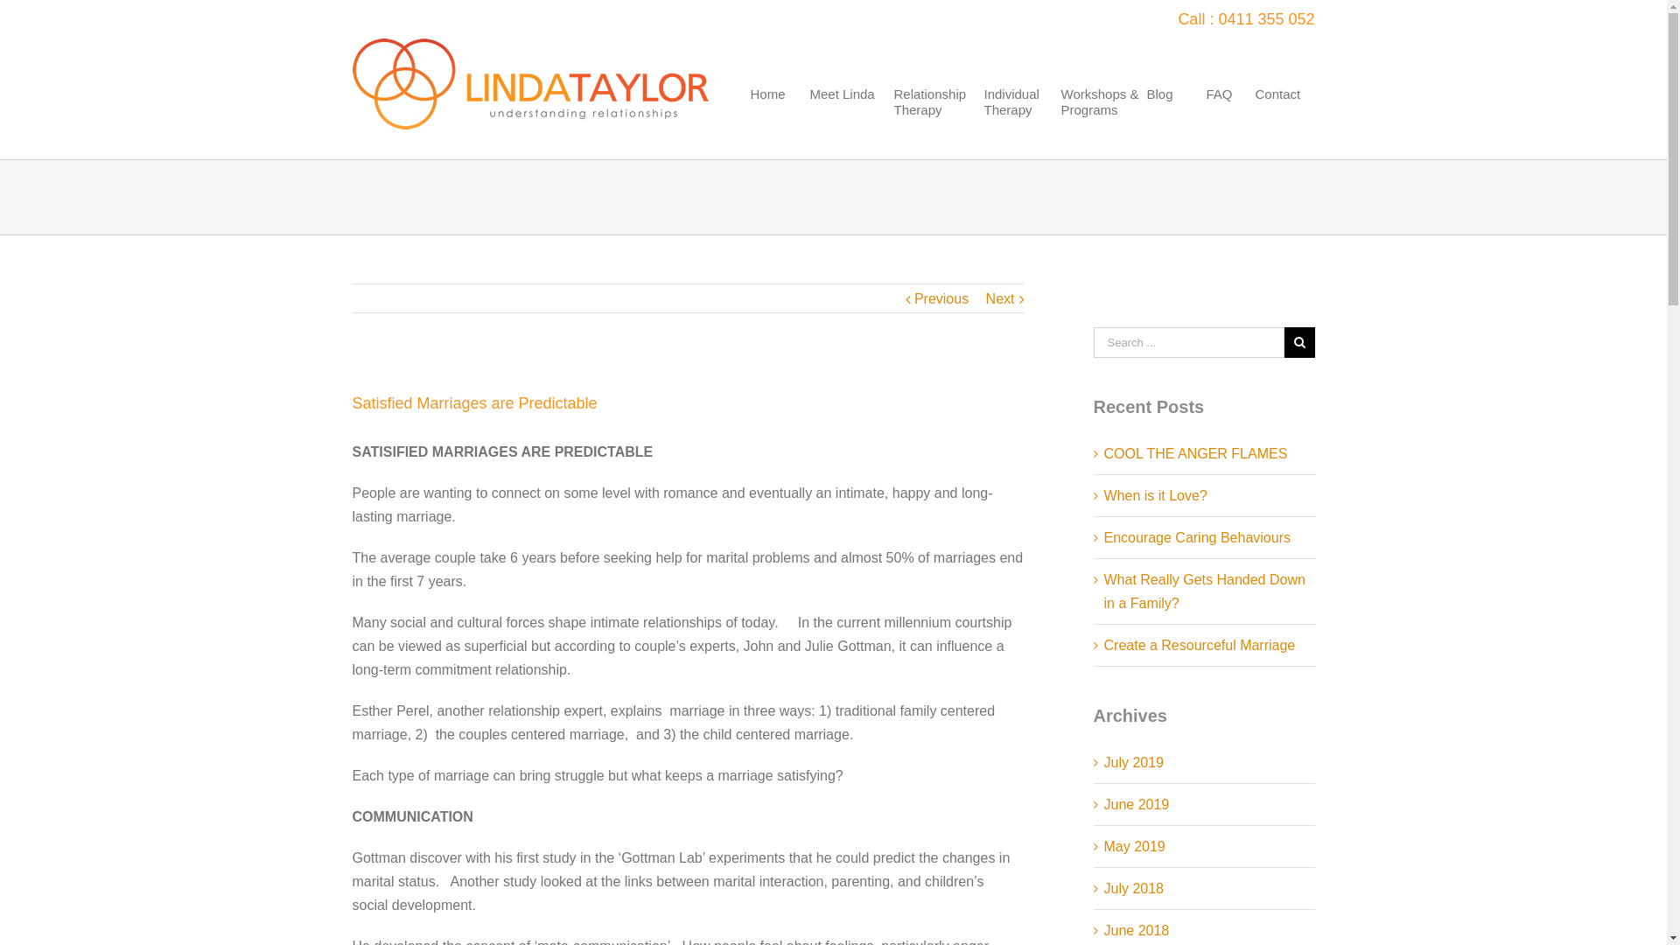 This screenshot has width=1680, height=945. I want to click on 'COOL THE ANGER FLAMES', so click(1195, 452).